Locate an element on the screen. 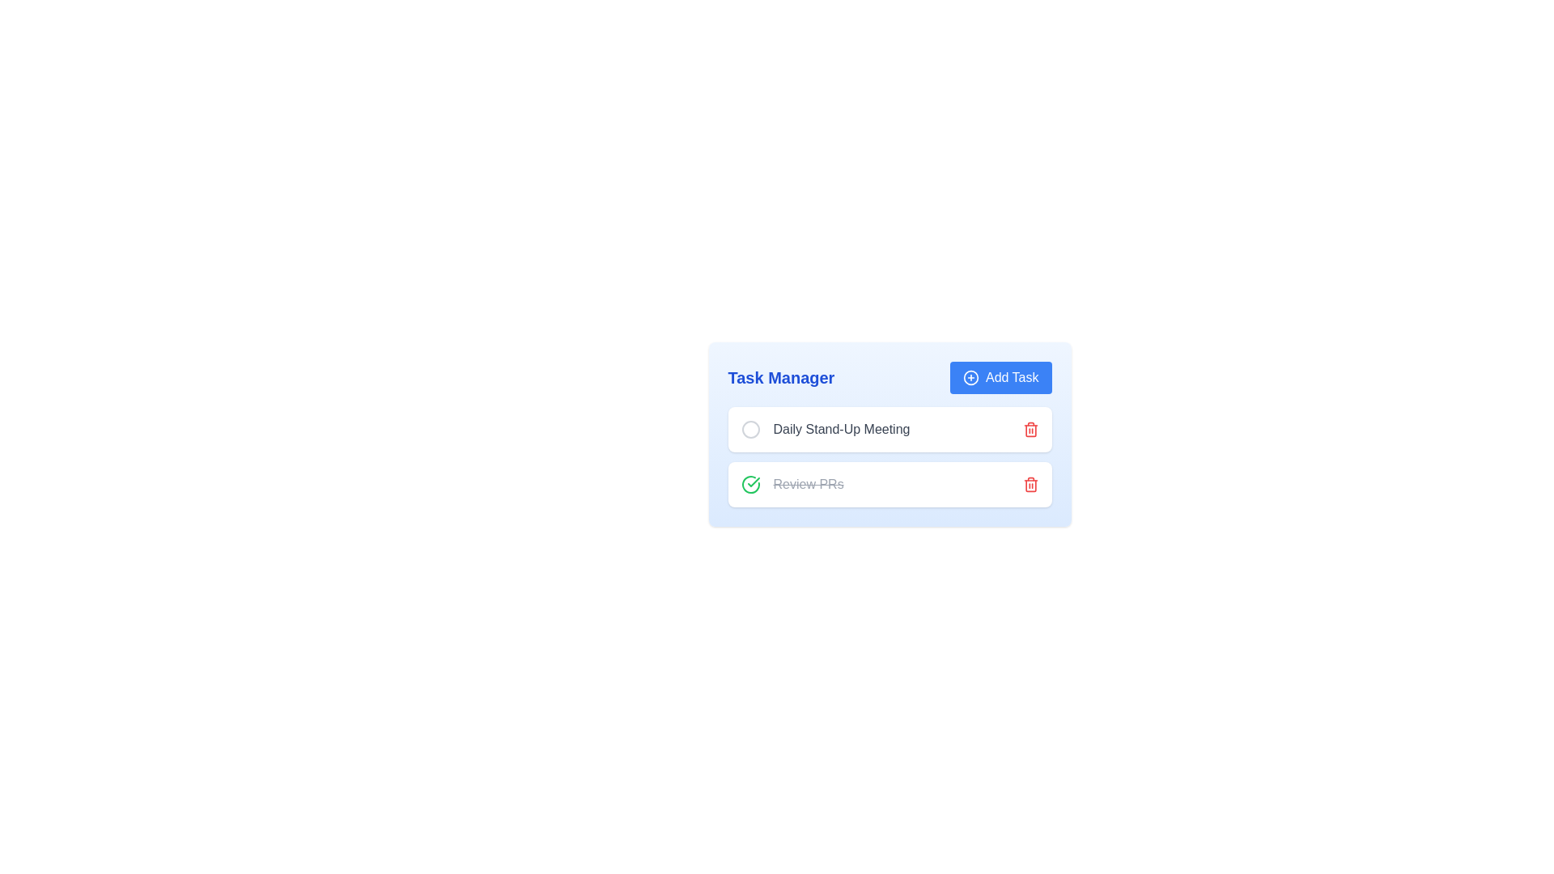 The height and width of the screenshot is (874, 1554). the red outlined trash can icon located at the far right end of the task item labeled 'Review PRs' is located at coordinates (1030, 483).